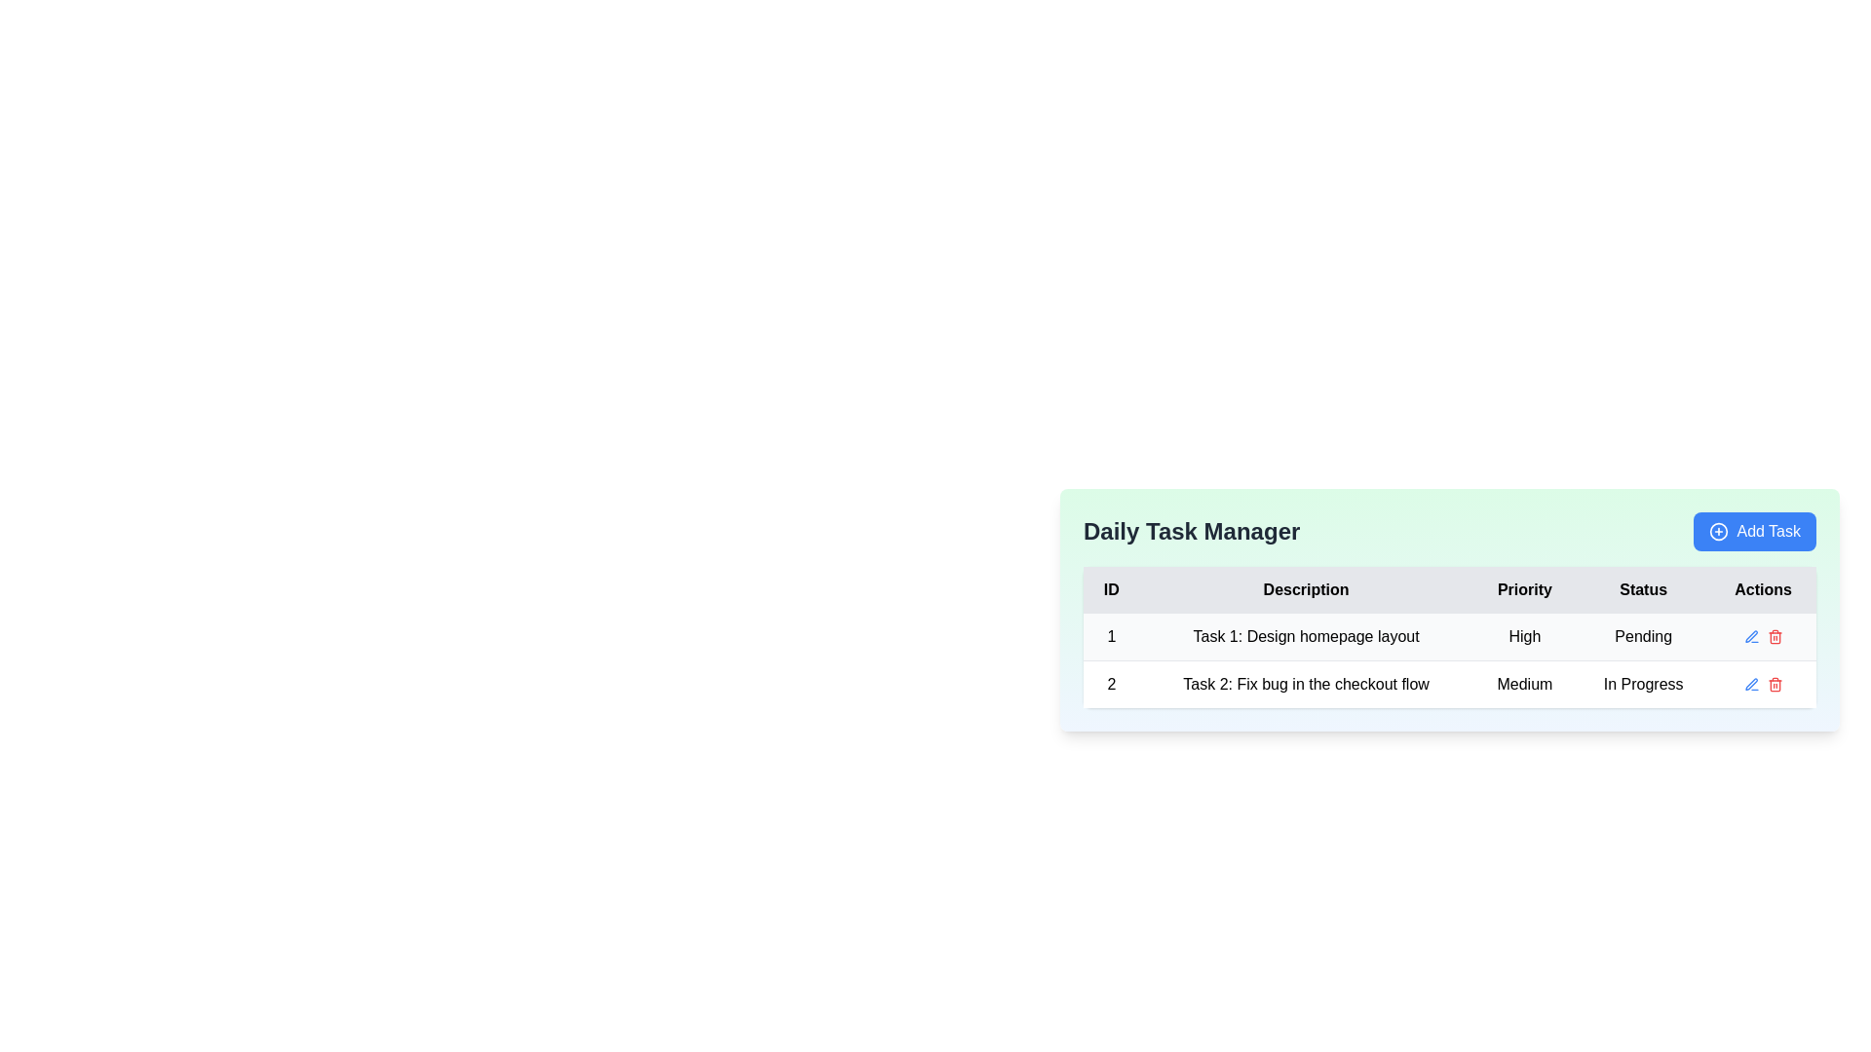 The width and height of the screenshot is (1871, 1052). I want to click on the trash icon button located in the 'Actions' column of the row for the task labeled 'Task 2: Fix bug in the checkout flow', so click(1775, 683).